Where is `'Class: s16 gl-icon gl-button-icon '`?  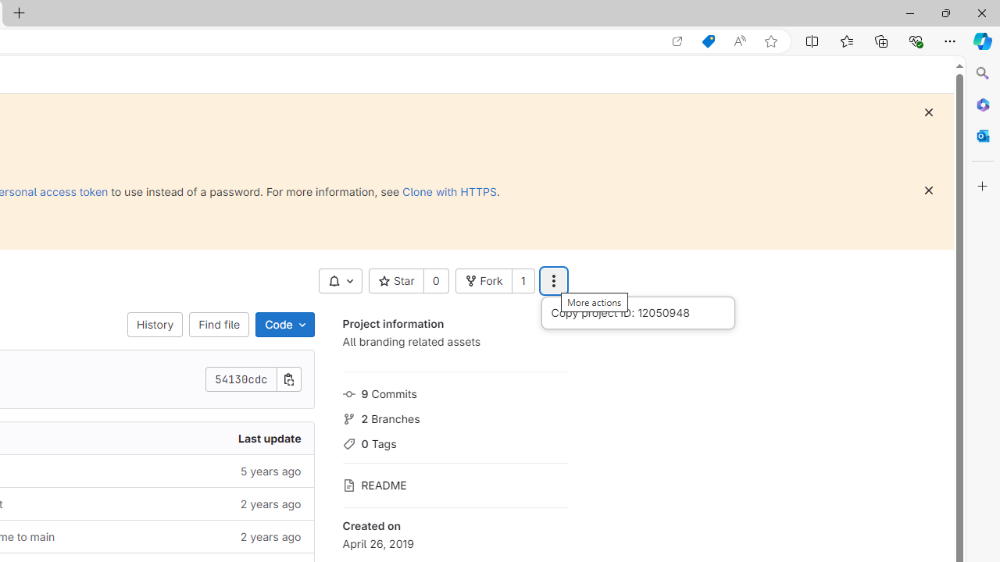
'Class: s16 gl-icon gl-button-icon ' is located at coordinates (929, 190).